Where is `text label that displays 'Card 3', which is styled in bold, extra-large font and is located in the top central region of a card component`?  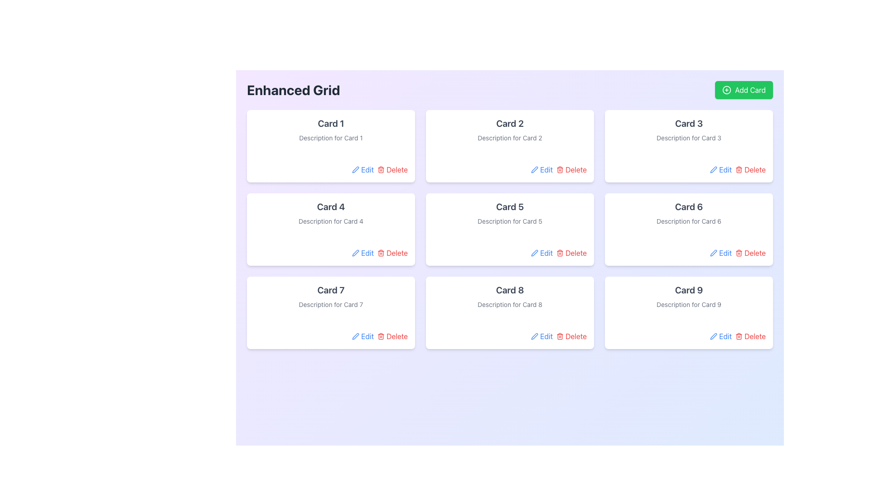 text label that displays 'Card 3', which is styled in bold, extra-large font and is located in the top central region of a card component is located at coordinates (689, 124).